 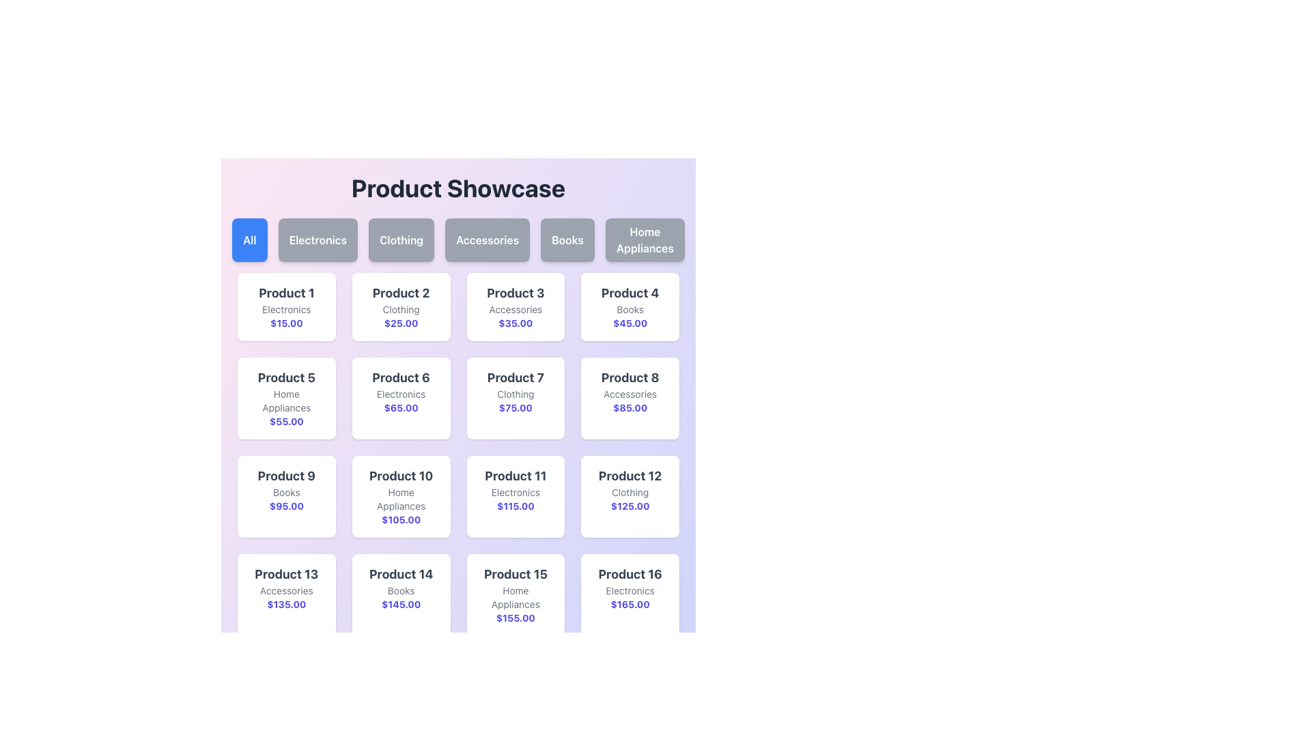 What do you see at coordinates (400, 307) in the screenshot?
I see `the product information card located in the second column of the first row, which displays details about a product including its name, category, and price` at bounding box center [400, 307].